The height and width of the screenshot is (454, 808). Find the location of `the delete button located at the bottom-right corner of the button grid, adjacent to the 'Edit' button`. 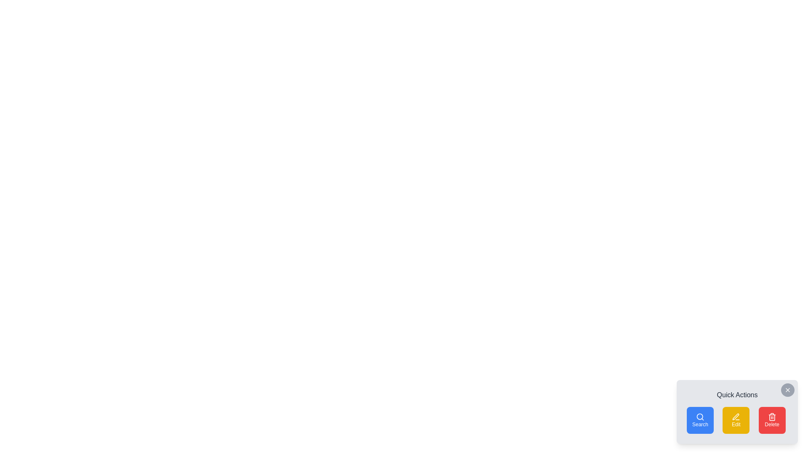

the delete button located at the bottom-right corner of the button grid, adjacent to the 'Edit' button is located at coordinates (772, 420).